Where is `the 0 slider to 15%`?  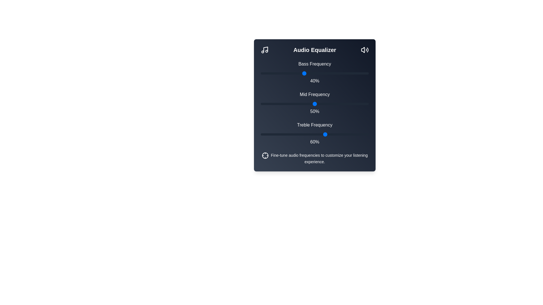 the 0 slider to 15% is located at coordinates (277, 73).